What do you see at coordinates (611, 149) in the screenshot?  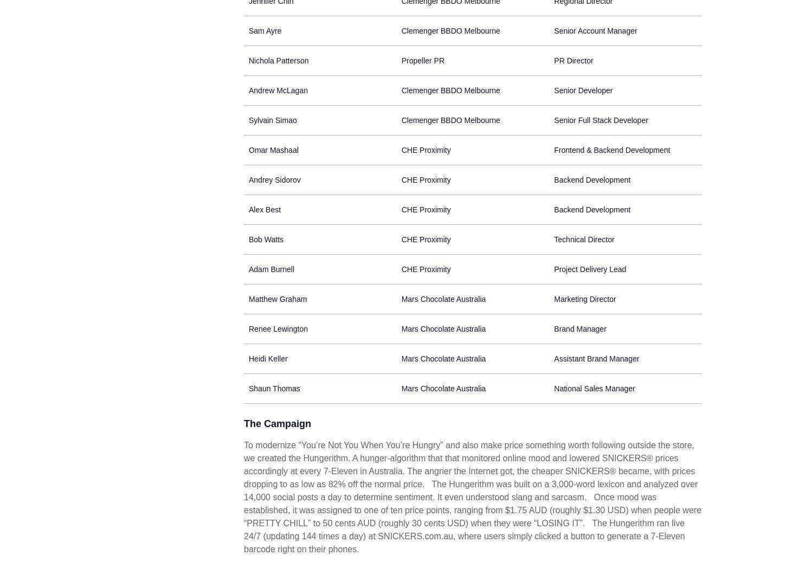 I see `'Frontend & Backend Development'` at bounding box center [611, 149].